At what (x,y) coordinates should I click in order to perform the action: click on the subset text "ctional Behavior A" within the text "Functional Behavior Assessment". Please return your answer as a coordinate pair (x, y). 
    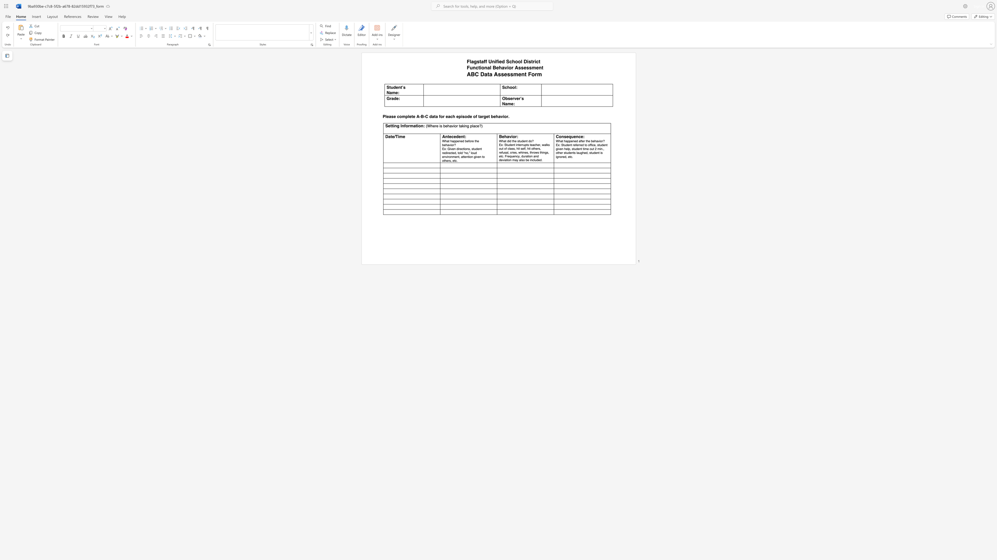
    Looking at the image, I should click on (475, 67).